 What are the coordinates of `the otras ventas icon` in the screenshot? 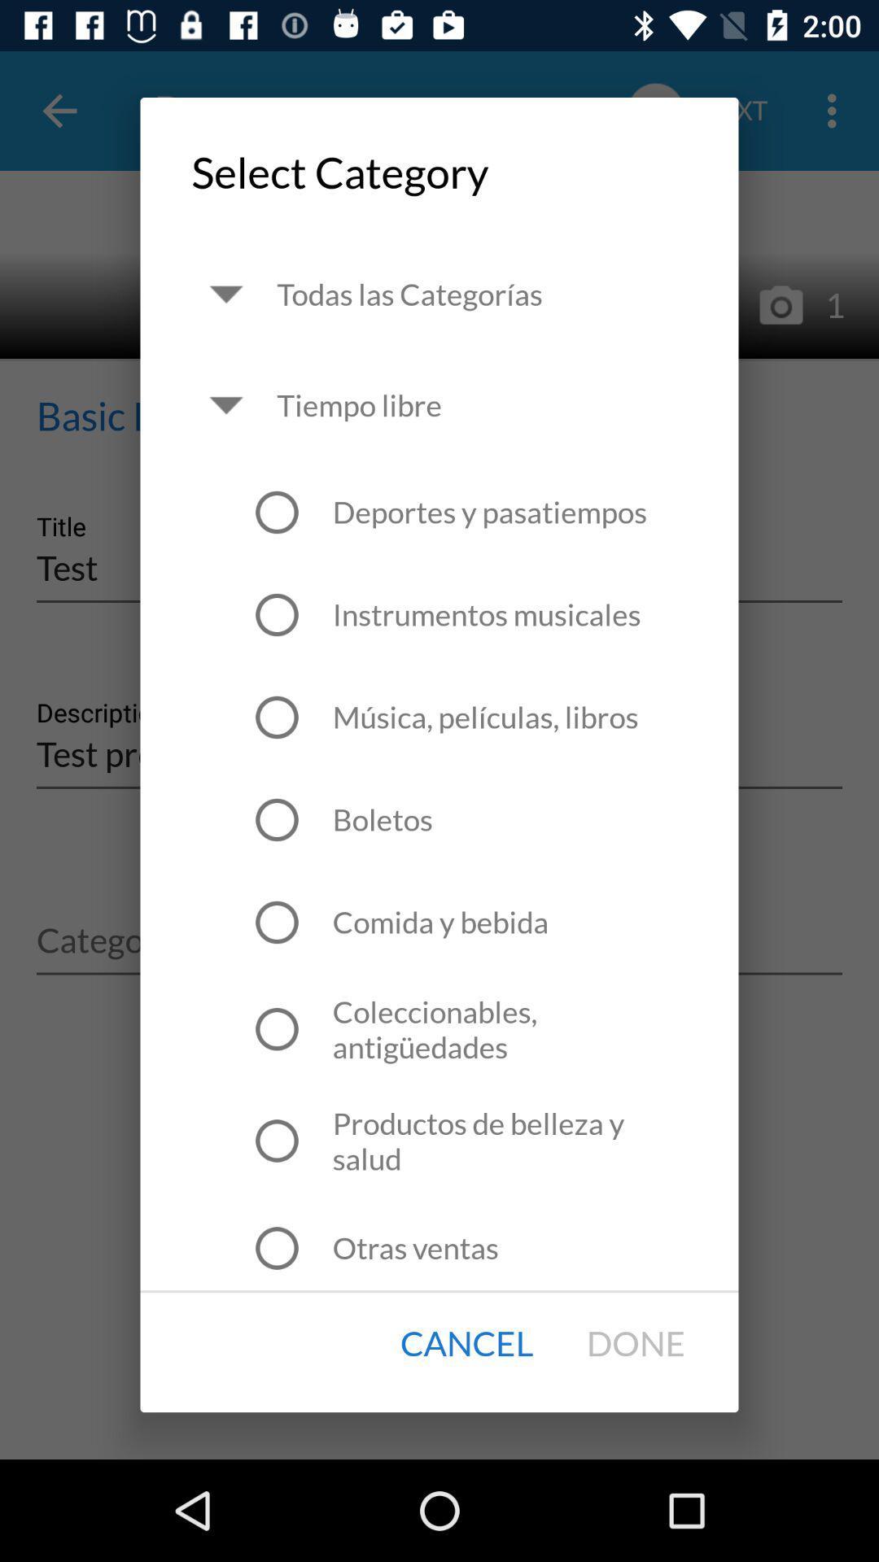 It's located at (414, 1247).